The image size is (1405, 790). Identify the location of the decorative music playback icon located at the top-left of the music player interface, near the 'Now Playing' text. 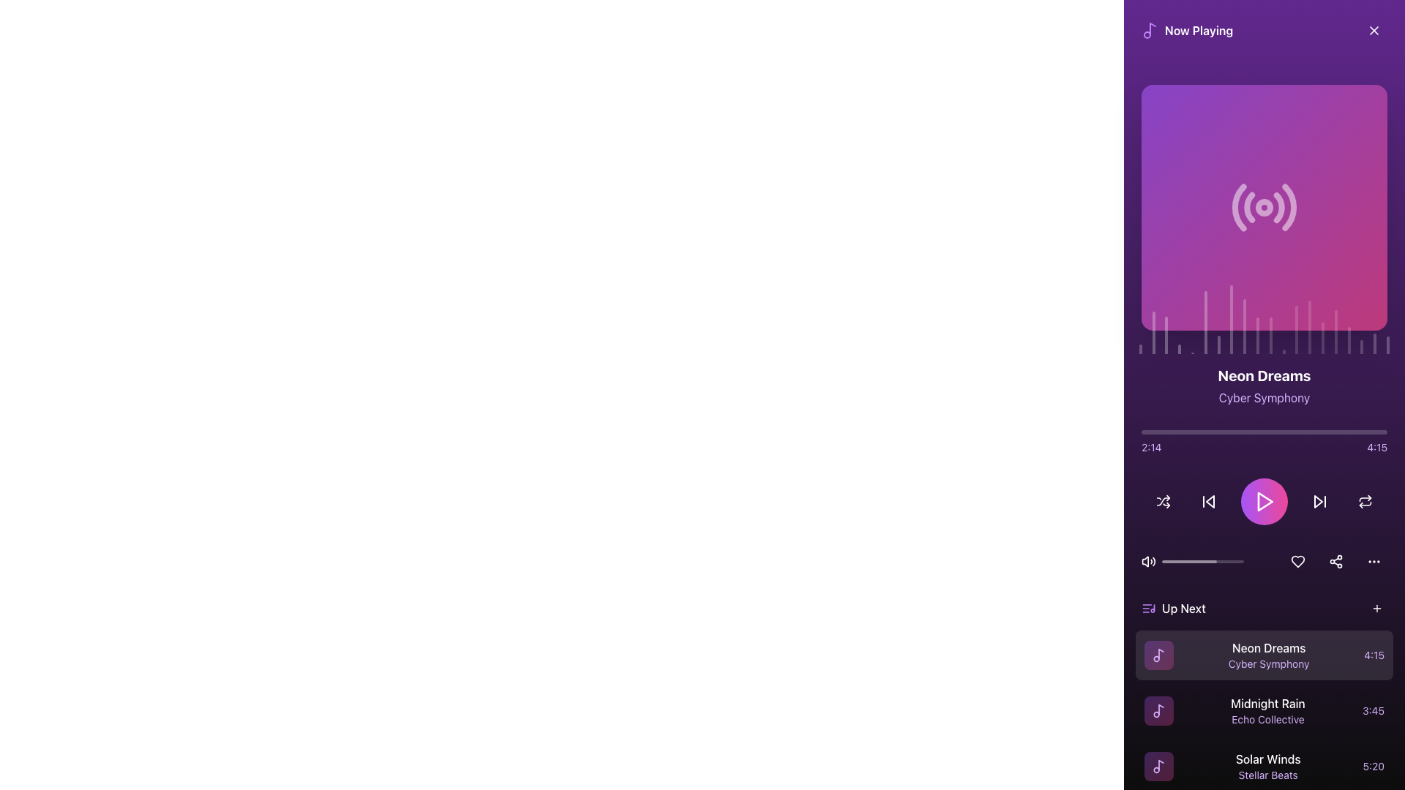
(1149, 31).